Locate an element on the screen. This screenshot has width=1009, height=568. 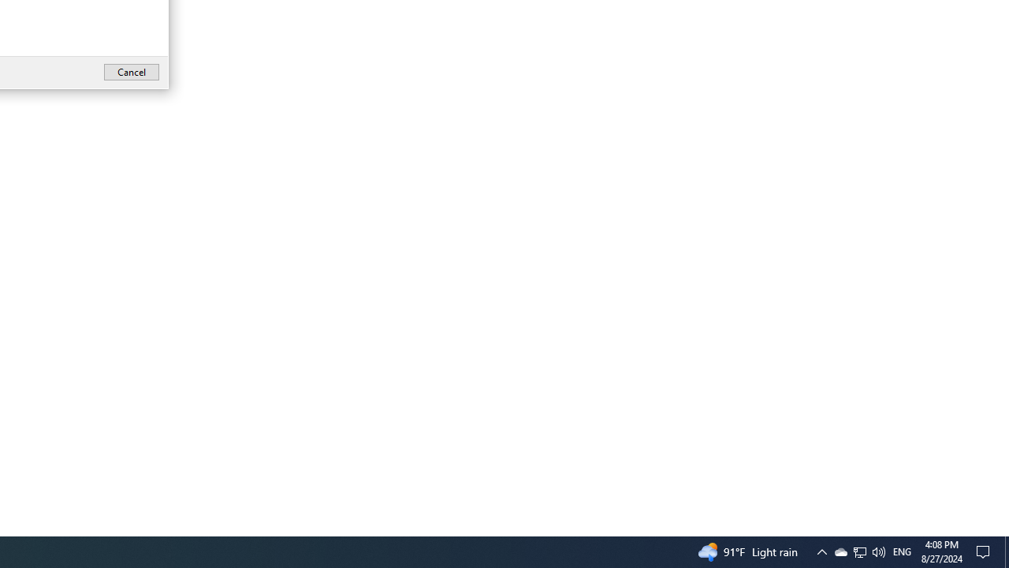
'Tray Input Indicator - English (United States)' is located at coordinates (877, 551).